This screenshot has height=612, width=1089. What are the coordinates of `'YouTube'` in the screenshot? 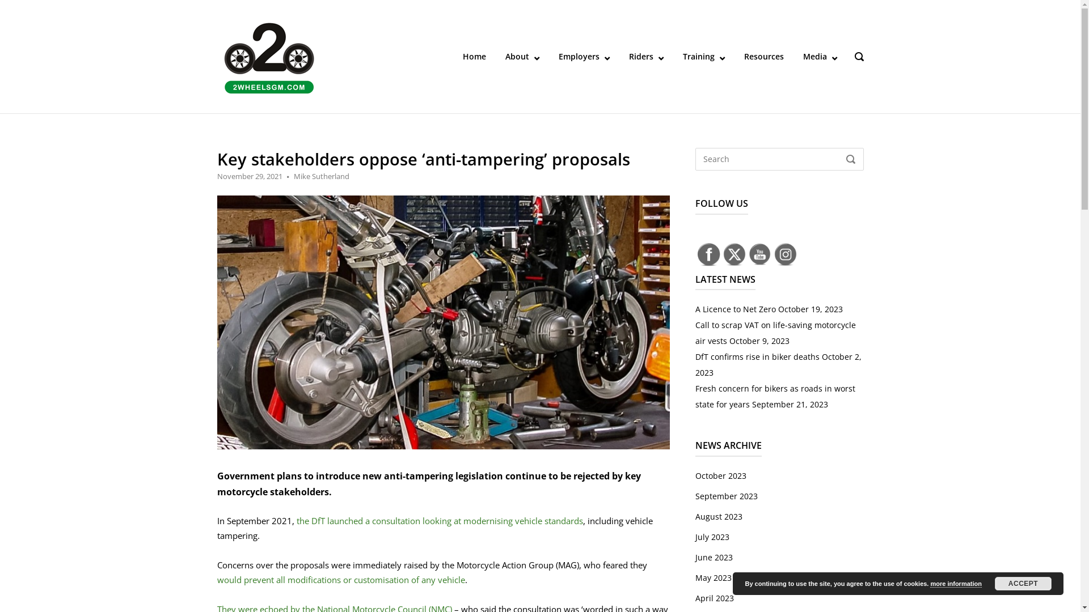 It's located at (759, 253).